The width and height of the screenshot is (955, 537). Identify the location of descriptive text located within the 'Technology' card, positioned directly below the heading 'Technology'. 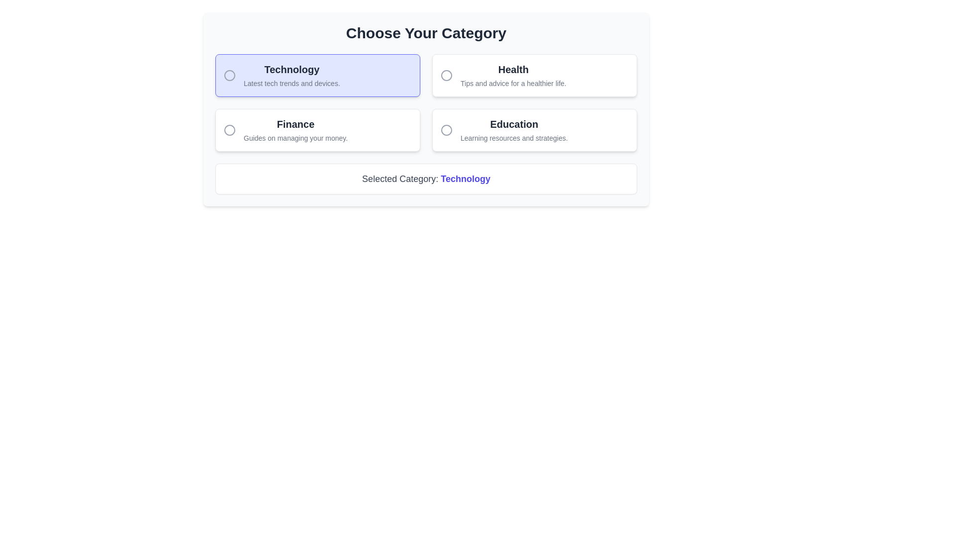
(291, 83).